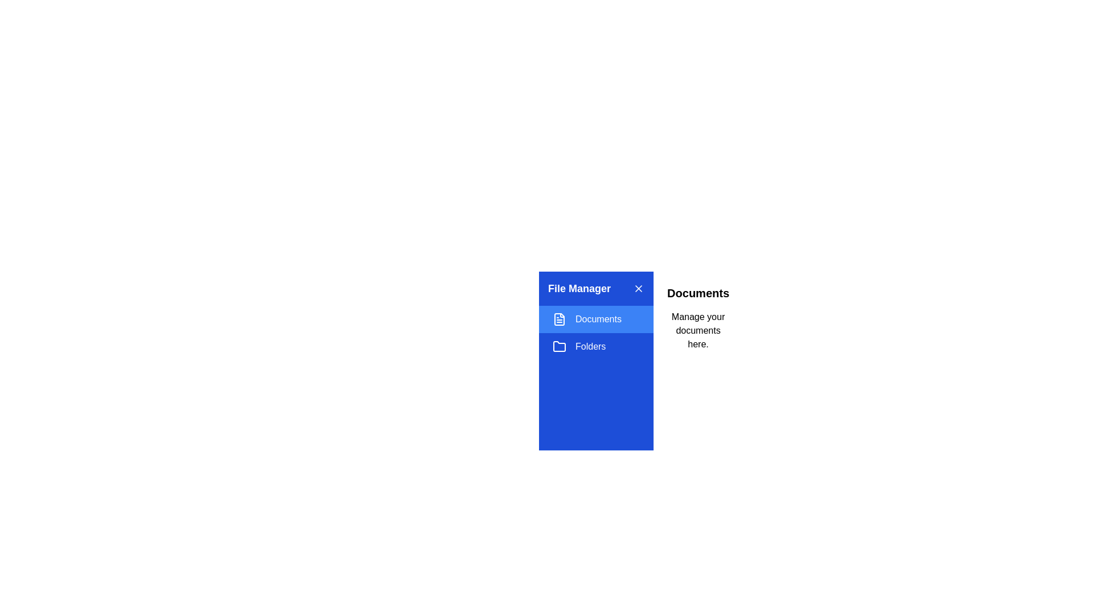 The height and width of the screenshot is (615, 1094). I want to click on the close button to close the drawer, so click(639, 288).